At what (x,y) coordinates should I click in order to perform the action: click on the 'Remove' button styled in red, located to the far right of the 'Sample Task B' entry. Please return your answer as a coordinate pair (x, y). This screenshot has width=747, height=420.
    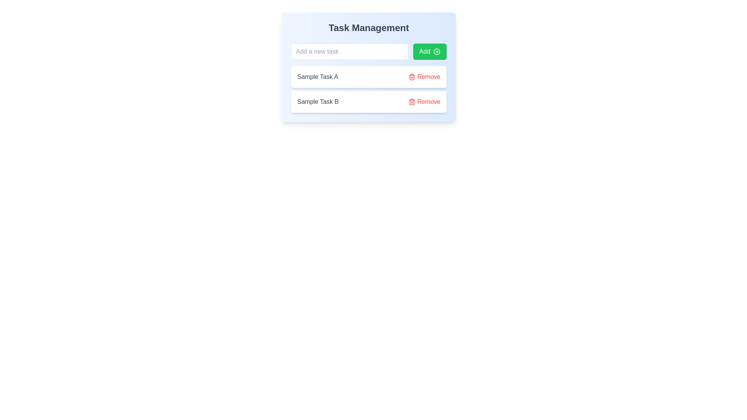
    Looking at the image, I should click on (428, 101).